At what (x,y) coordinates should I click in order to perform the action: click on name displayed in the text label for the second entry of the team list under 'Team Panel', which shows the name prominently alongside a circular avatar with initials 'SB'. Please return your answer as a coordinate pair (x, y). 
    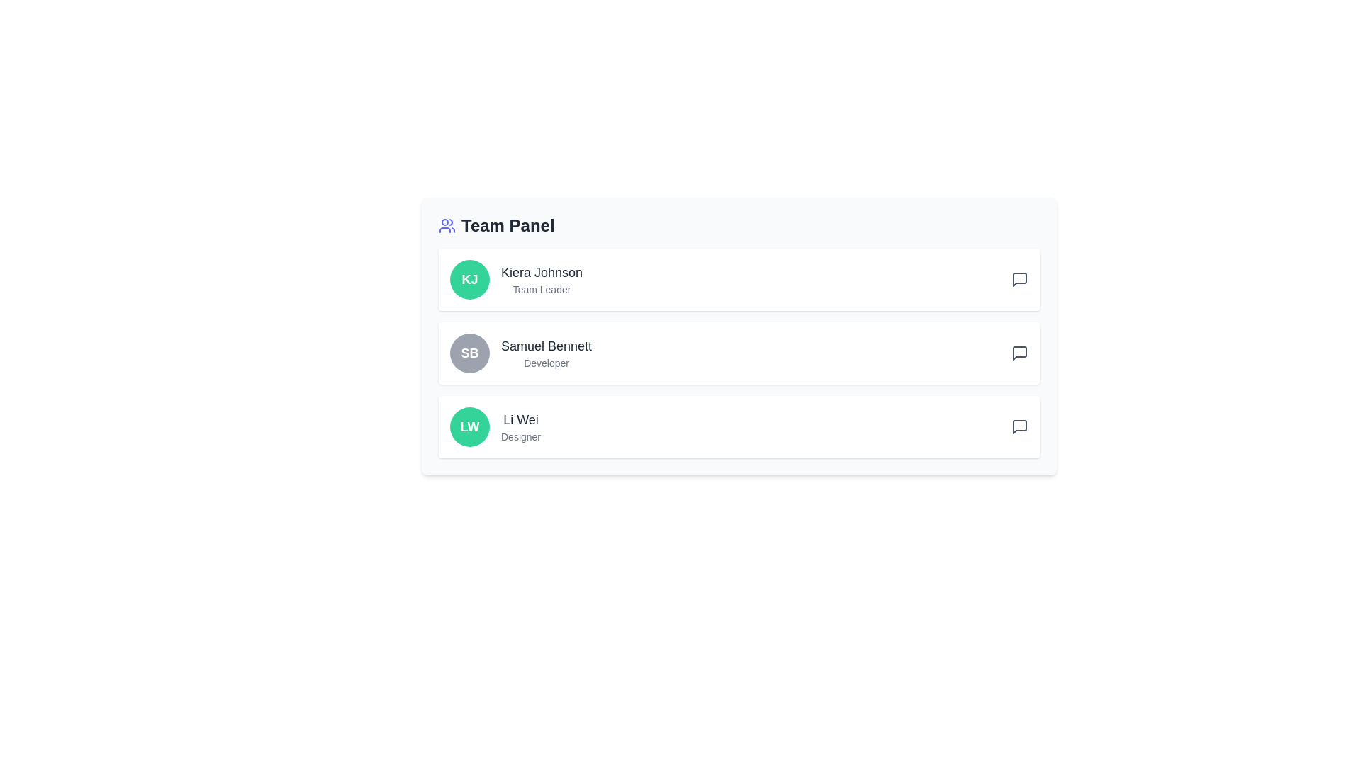
    Looking at the image, I should click on (546, 346).